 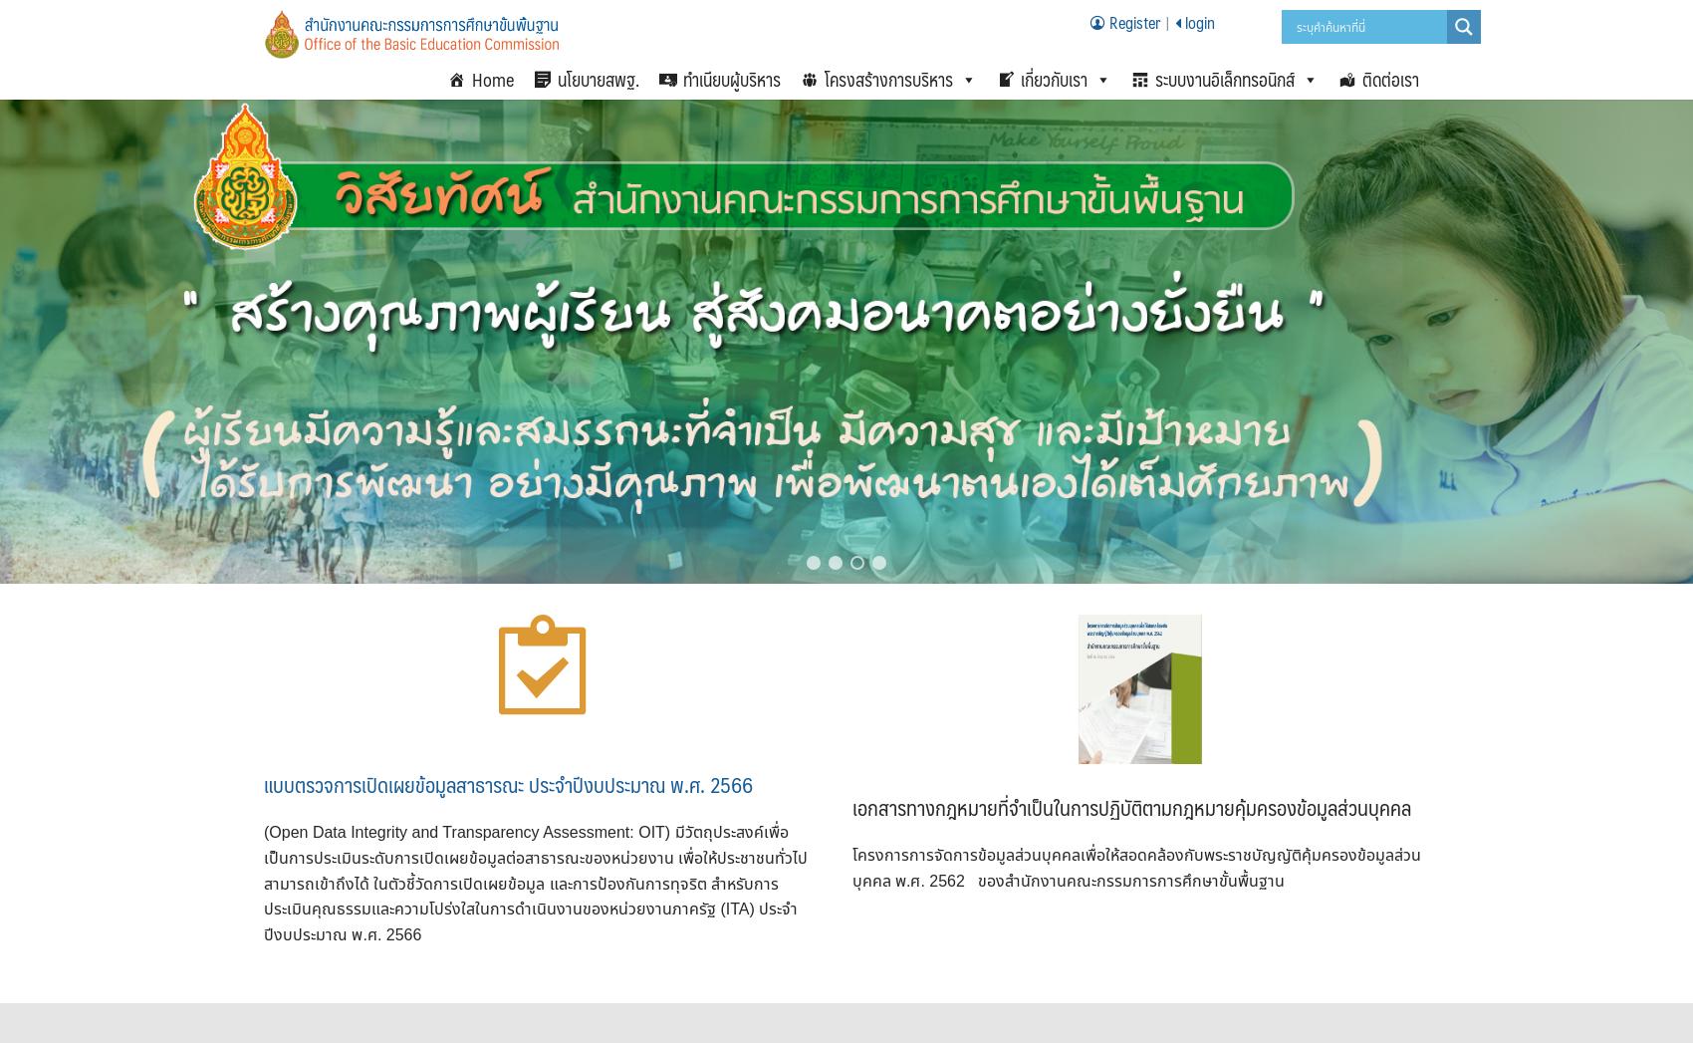 What do you see at coordinates (1038, 241) in the screenshot?
I see `'ผู้อำนวยการสำนักฯ สพฐ.'` at bounding box center [1038, 241].